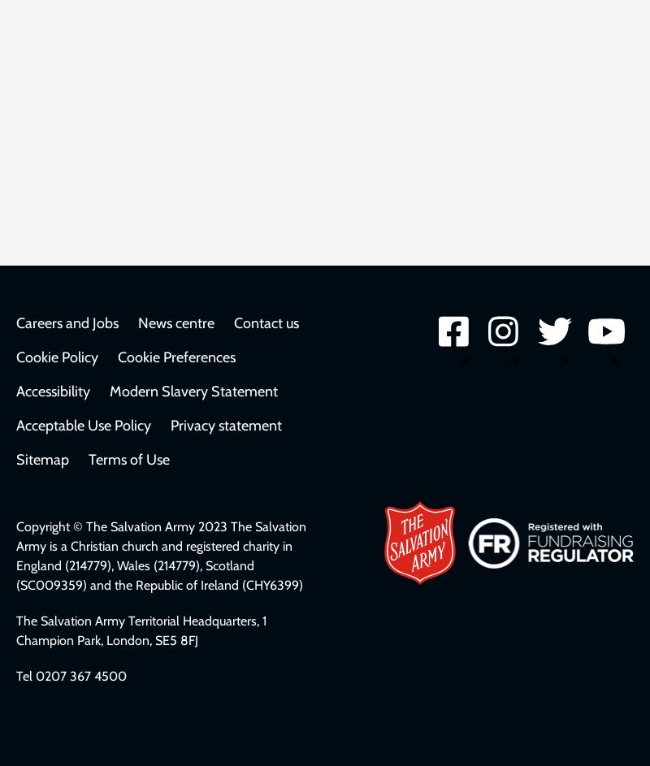 The image size is (650, 766). Describe the element at coordinates (193, 390) in the screenshot. I see `'Modern Slavery Statement'` at that location.